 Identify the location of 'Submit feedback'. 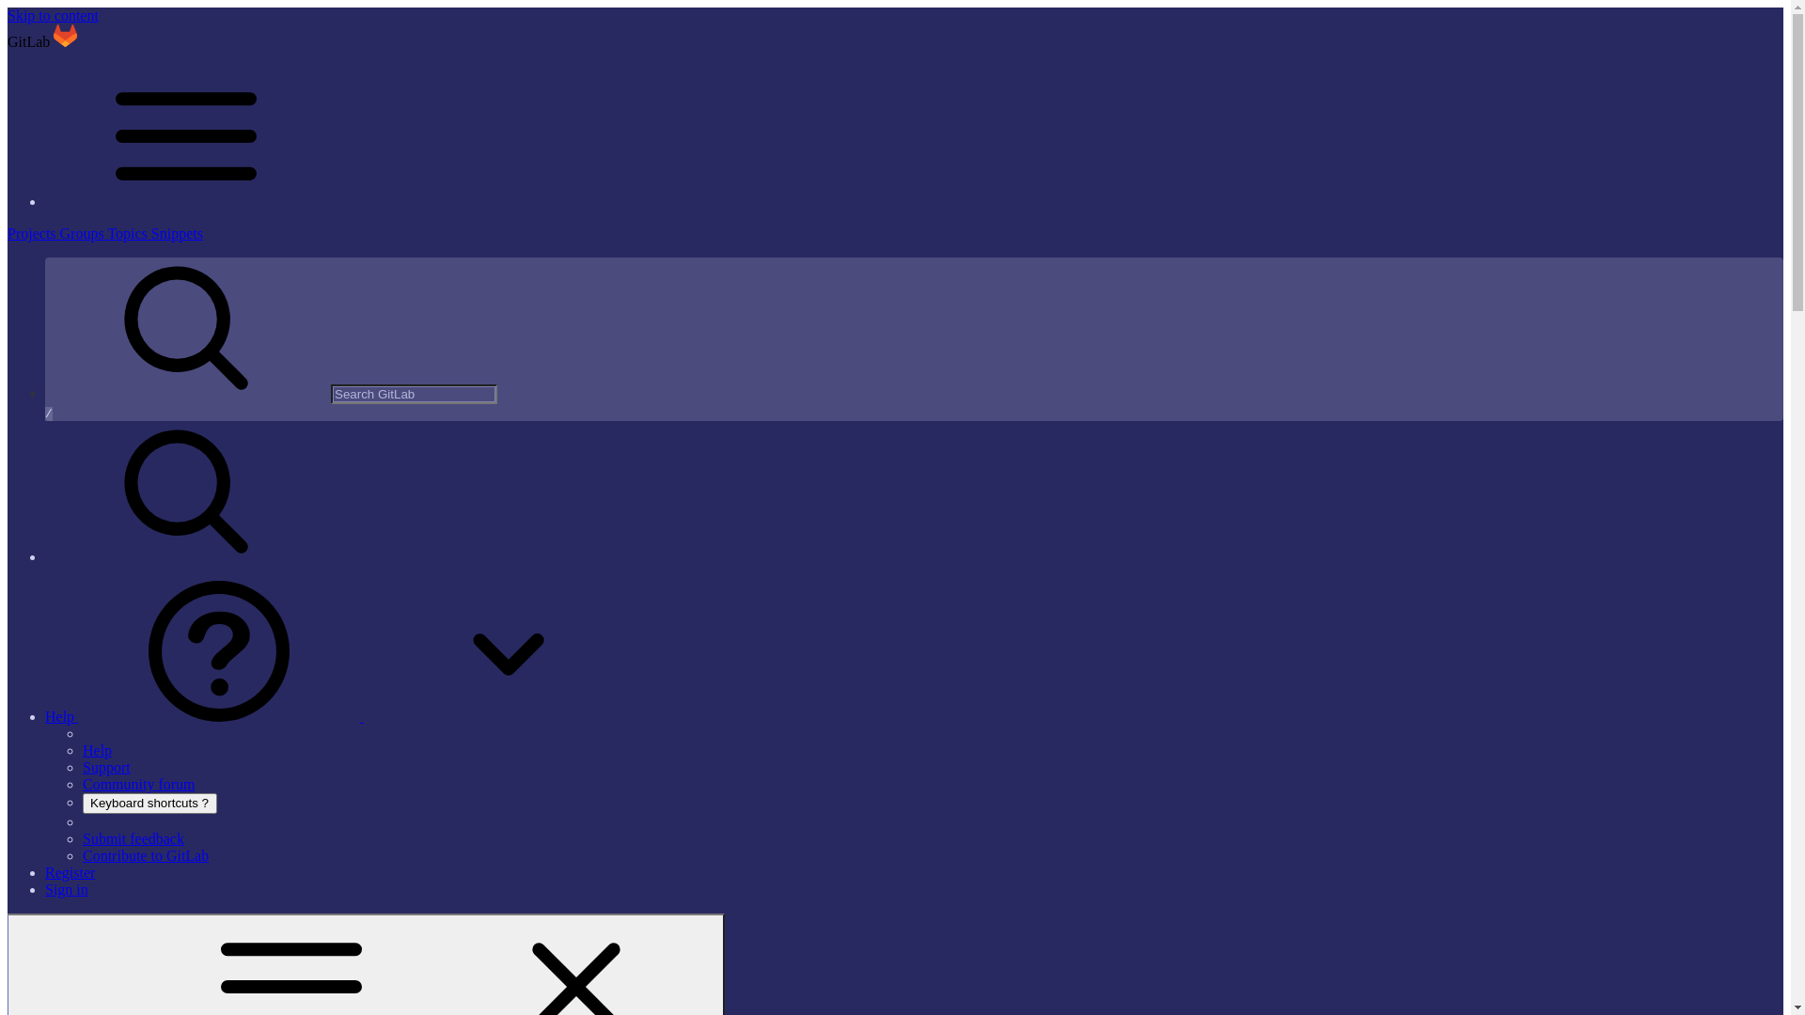
(81, 837).